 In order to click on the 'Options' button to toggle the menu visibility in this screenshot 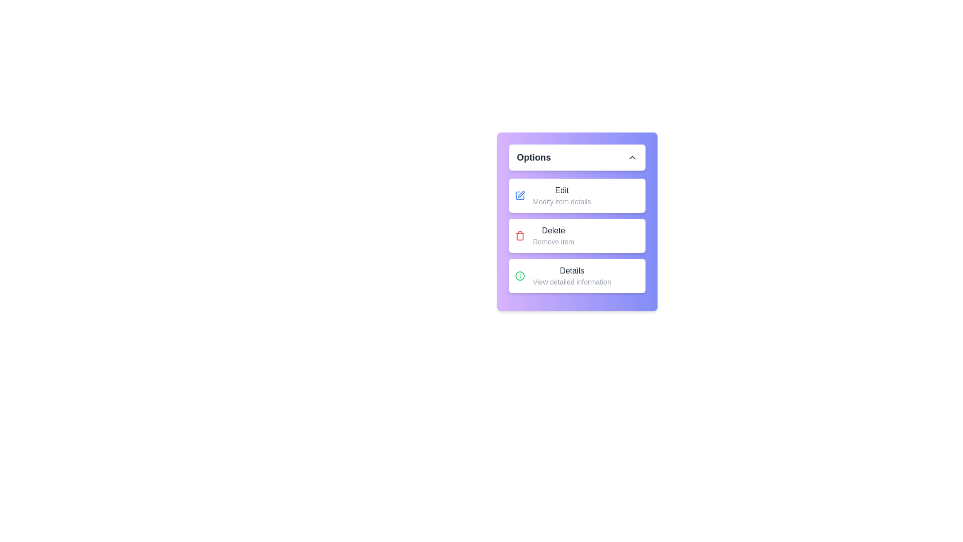, I will do `click(577, 157)`.